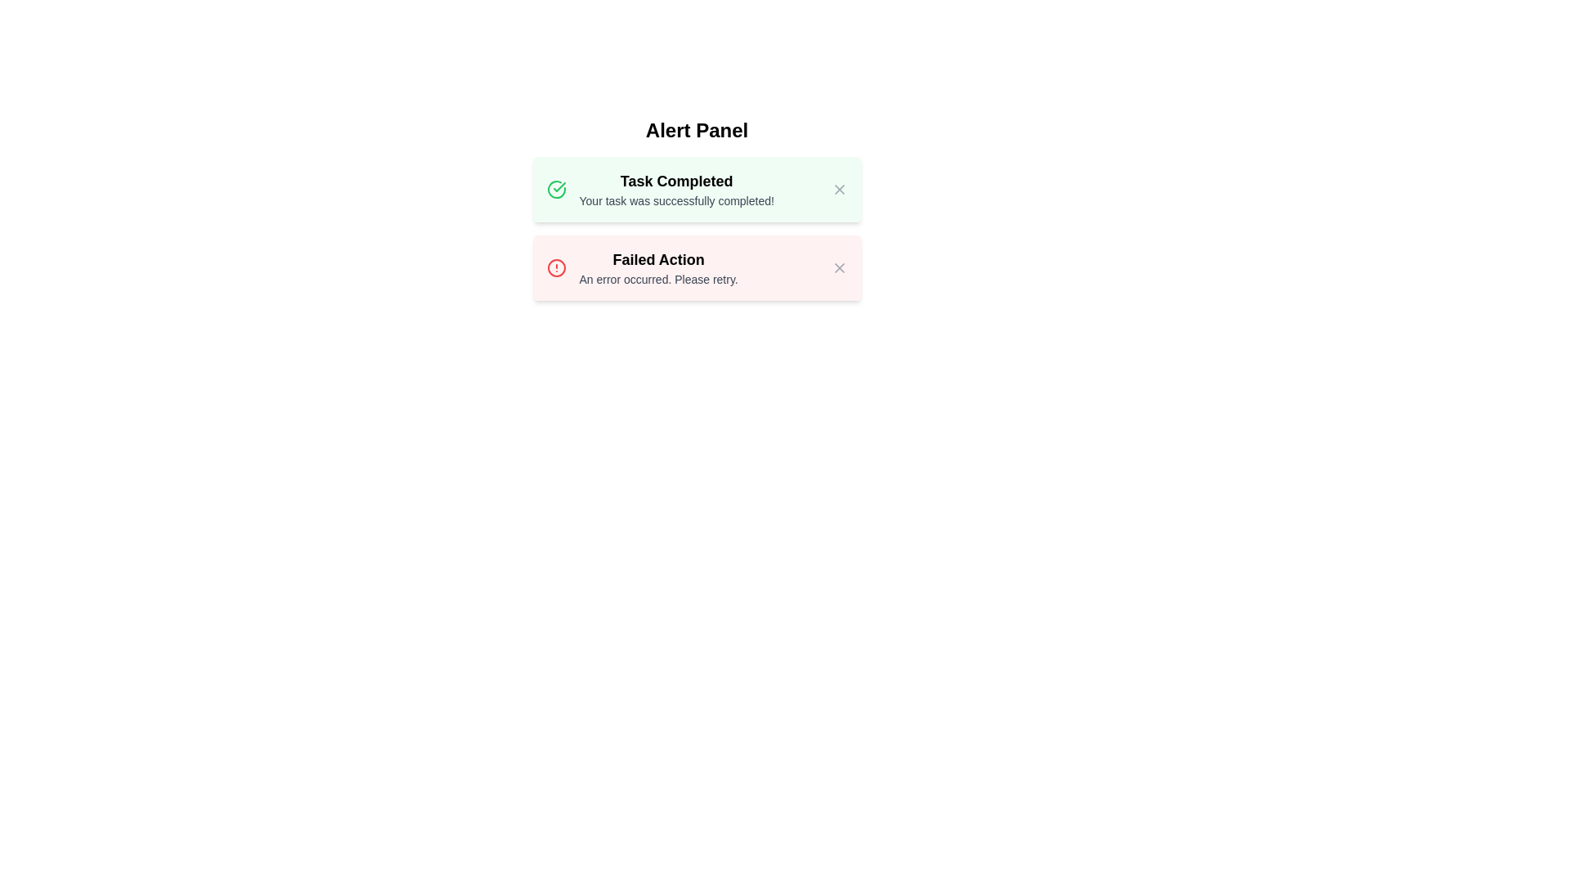 The height and width of the screenshot is (883, 1570). Describe the element at coordinates (839, 188) in the screenshot. I see `the Close button represented as an SVG 'X' symbol, located in the top right region of the green success panel labeled 'Task Completed'` at that location.